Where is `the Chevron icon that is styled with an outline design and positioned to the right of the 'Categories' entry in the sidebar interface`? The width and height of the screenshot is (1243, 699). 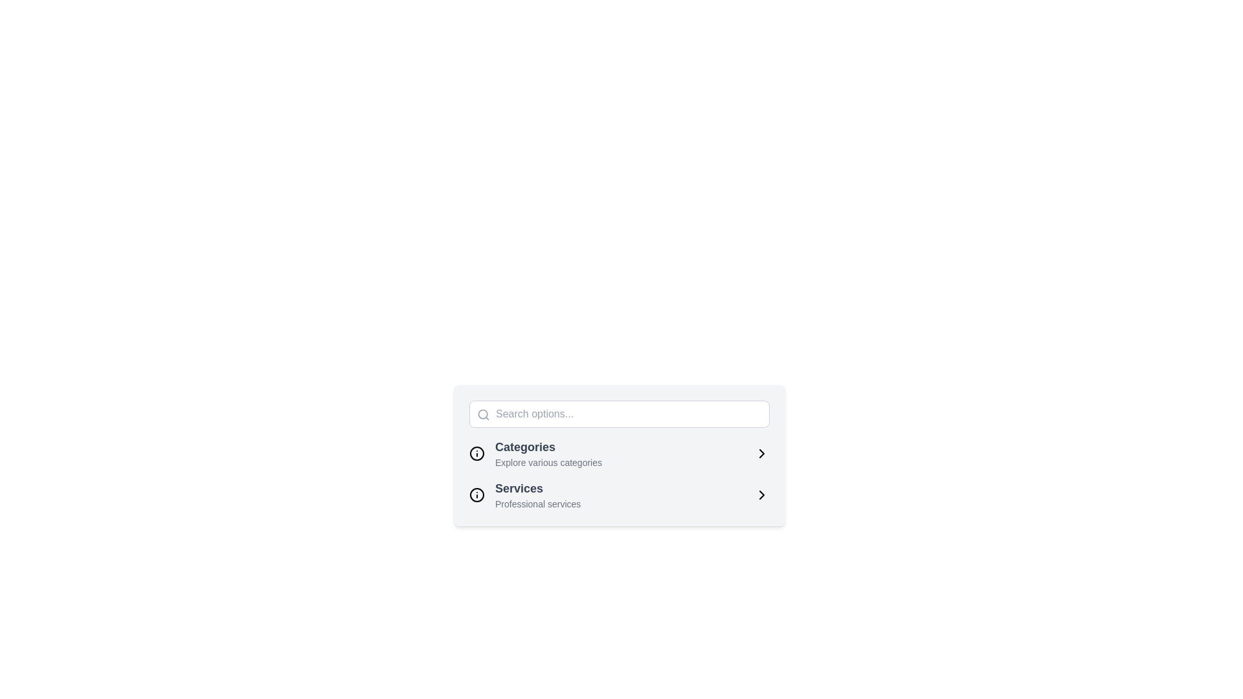 the Chevron icon that is styled with an outline design and positioned to the right of the 'Categories' entry in the sidebar interface is located at coordinates (761, 453).